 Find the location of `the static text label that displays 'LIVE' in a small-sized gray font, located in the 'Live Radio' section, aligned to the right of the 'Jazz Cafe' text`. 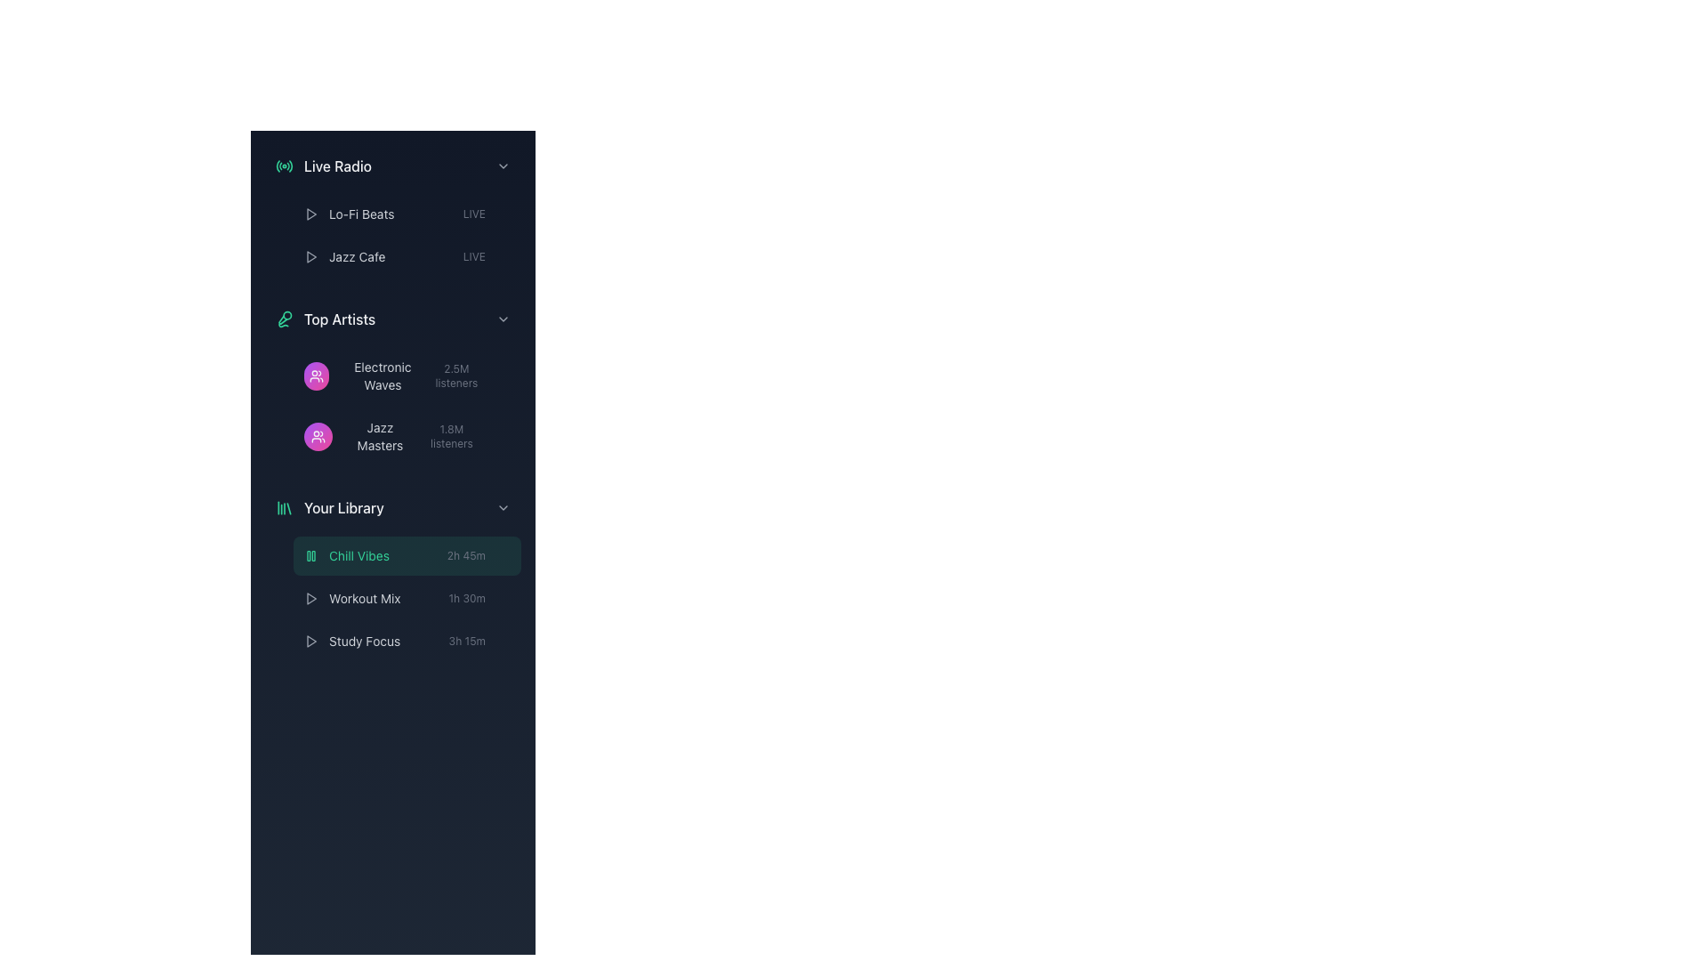

the static text label that displays 'LIVE' in a small-sized gray font, located in the 'Live Radio' section, aligned to the right of the 'Jazz Cafe' text is located at coordinates (474, 257).